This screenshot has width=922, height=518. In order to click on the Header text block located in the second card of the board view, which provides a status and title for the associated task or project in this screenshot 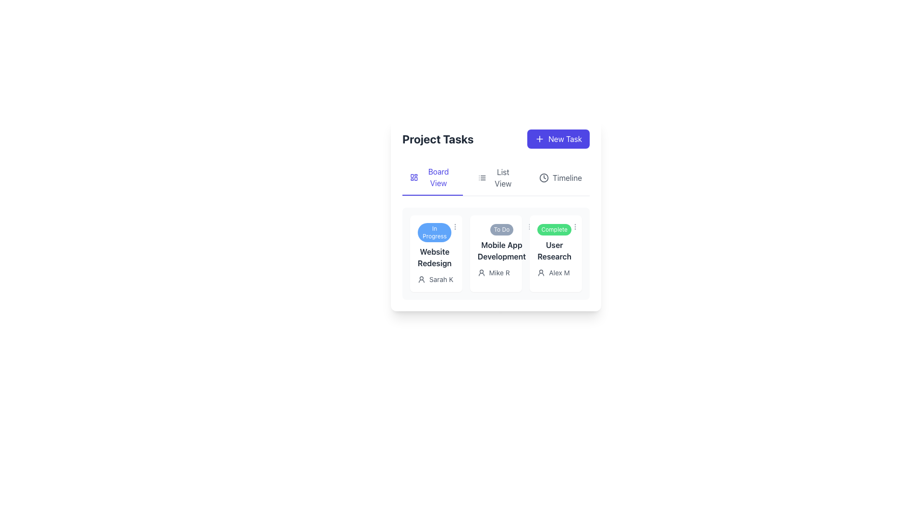, I will do `click(496, 242)`.